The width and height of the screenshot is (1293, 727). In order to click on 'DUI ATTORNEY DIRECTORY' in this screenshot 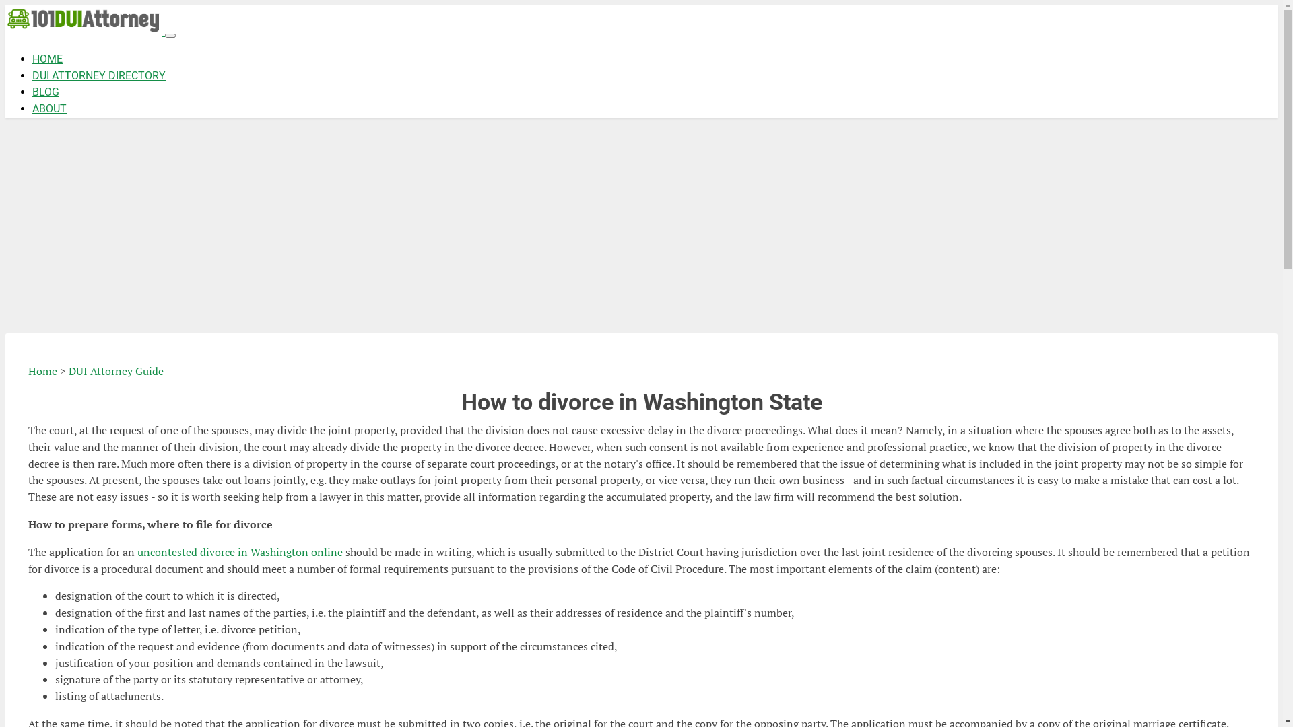, I will do `click(98, 75)`.